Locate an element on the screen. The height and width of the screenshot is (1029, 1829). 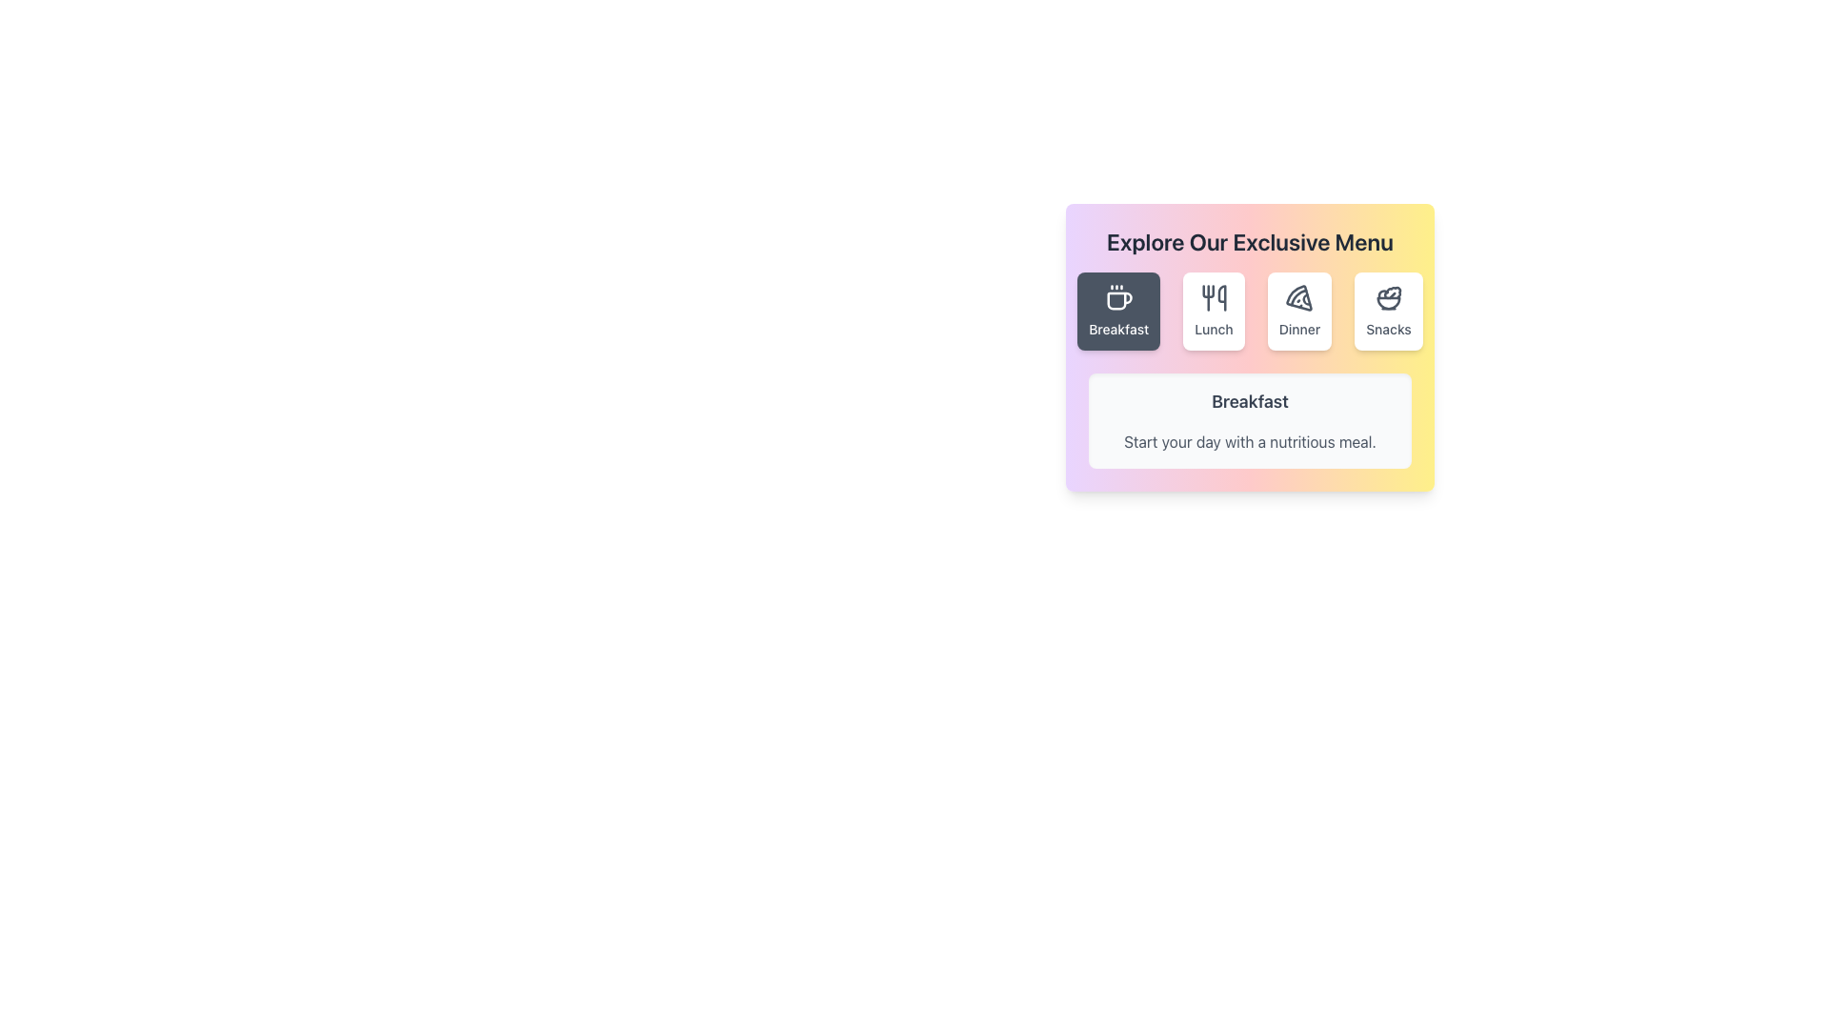
the lunch icon located in the second button of the menu labeled 'Explore Our Exclusive Menu', positioned between 'Breakfast' and 'Dinner' is located at coordinates (1213, 297).